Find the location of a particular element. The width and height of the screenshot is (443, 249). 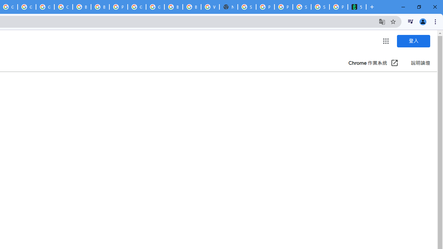

'Google Cloud Platform' is located at coordinates (137, 7).